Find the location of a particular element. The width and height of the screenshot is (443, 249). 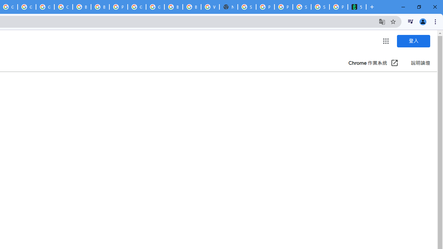

'Google Cloud Platform' is located at coordinates (137, 7).